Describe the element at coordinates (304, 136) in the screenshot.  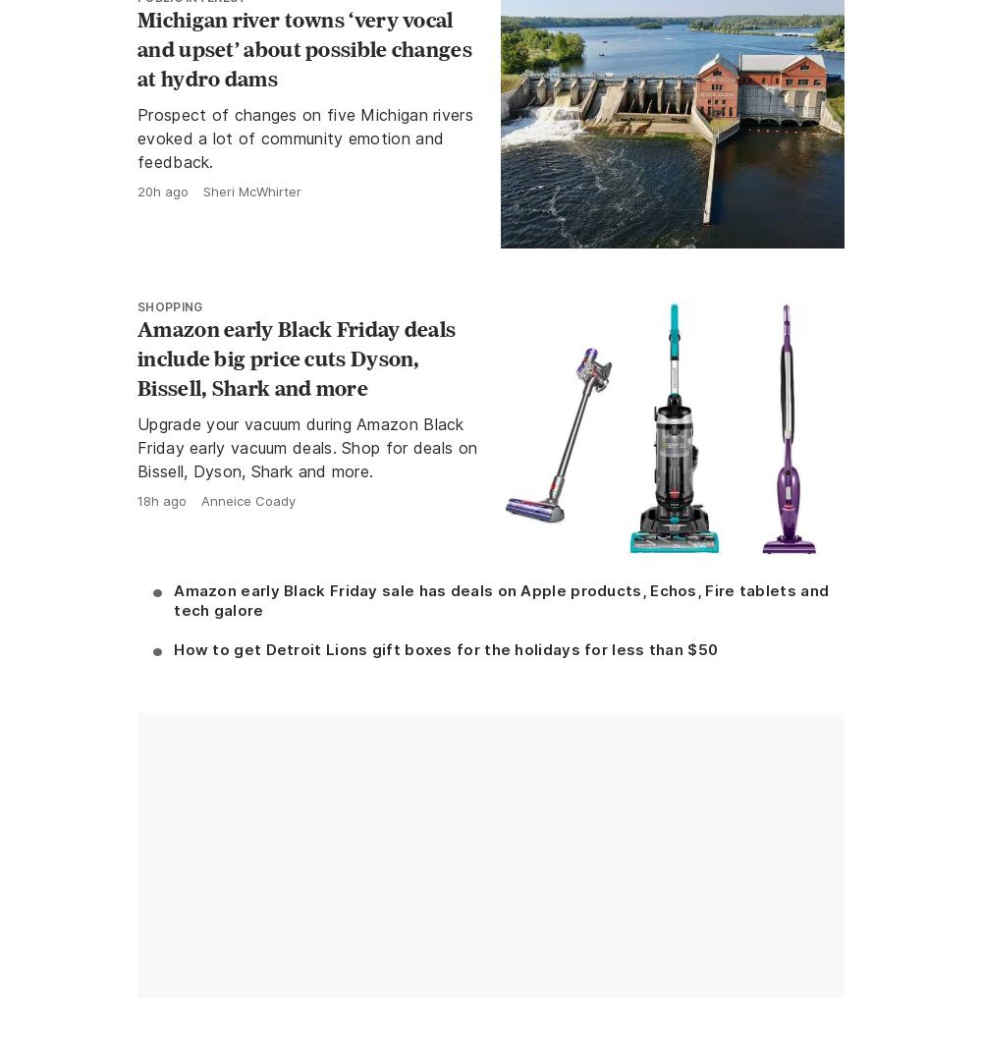
I see `'Prospect of changes on five Michigan rivers evoked a lot of community emotion and feedback.'` at that location.